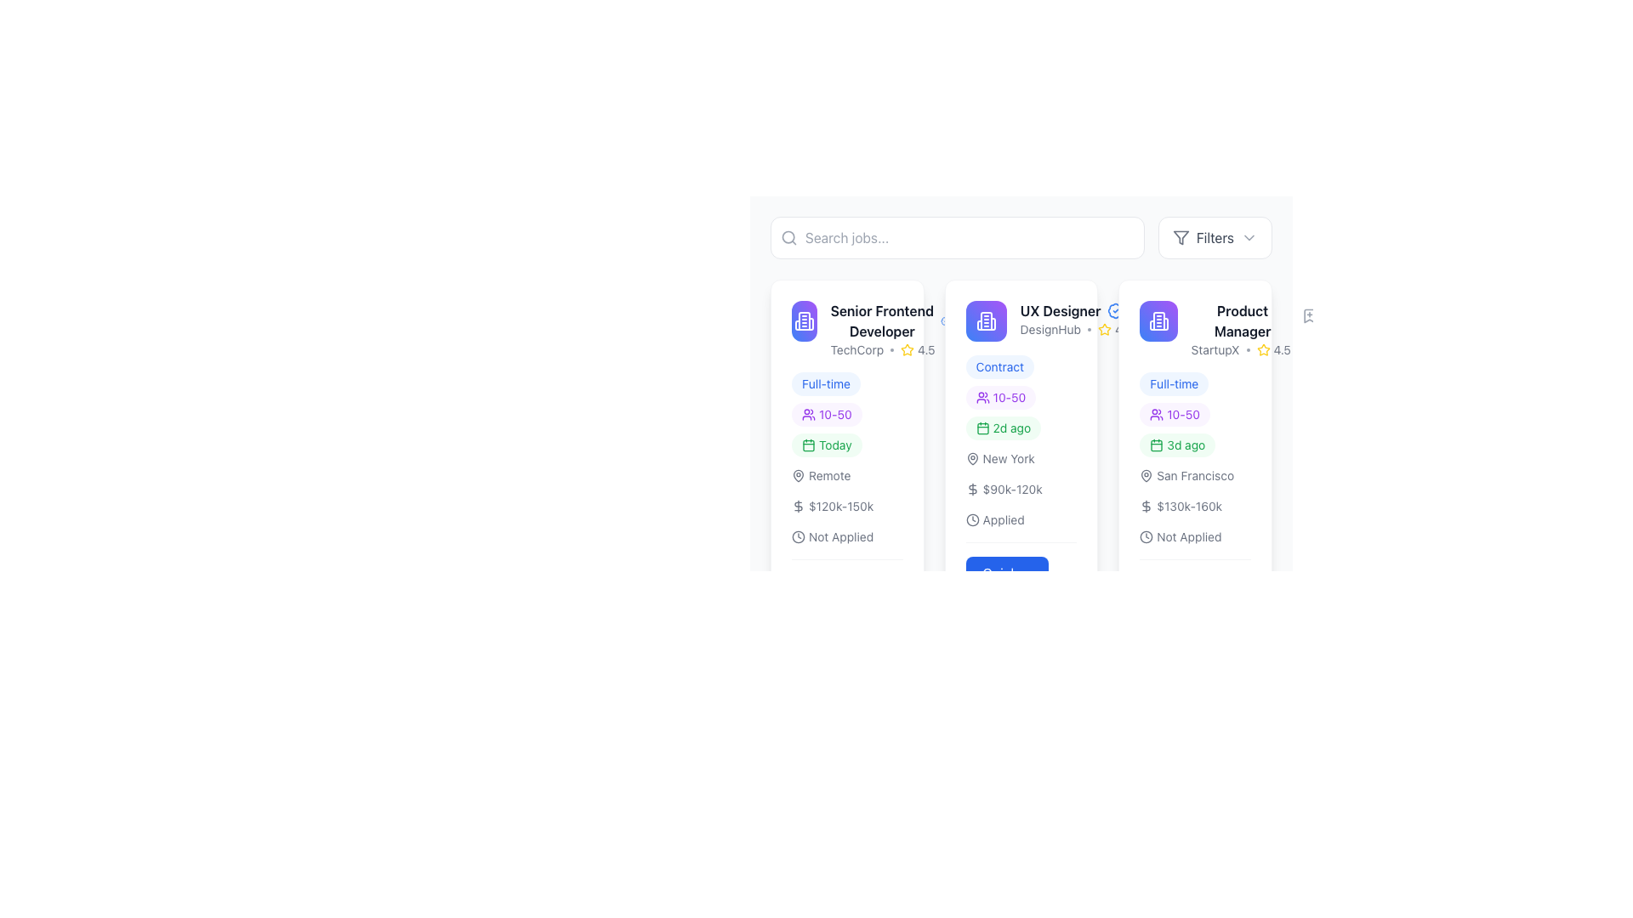  I want to click on the magnifying glass icon located inside the search bar, positioned to the left of the 'Search jobs...' placeholder text, so click(788, 238).